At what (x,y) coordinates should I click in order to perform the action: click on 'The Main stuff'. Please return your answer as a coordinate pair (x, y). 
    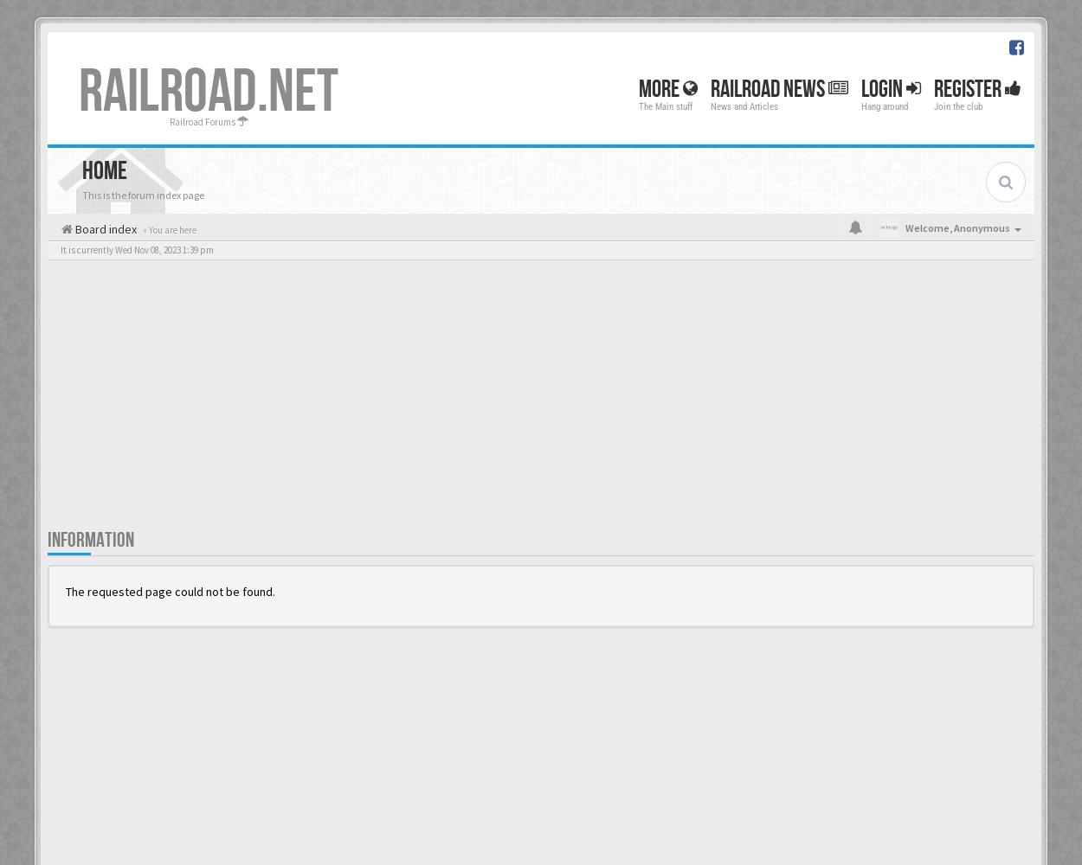
    Looking at the image, I should click on (666, 106).